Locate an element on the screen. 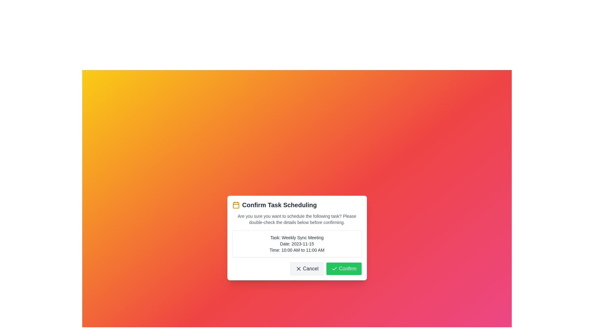 The height and width of the screenshot is (336, 598). the calendar-related icon located to the immediate left of the 'Confirm Task Scheduling' text in the UI header of the confirmation dialog box is located at coordinates (235, 205).